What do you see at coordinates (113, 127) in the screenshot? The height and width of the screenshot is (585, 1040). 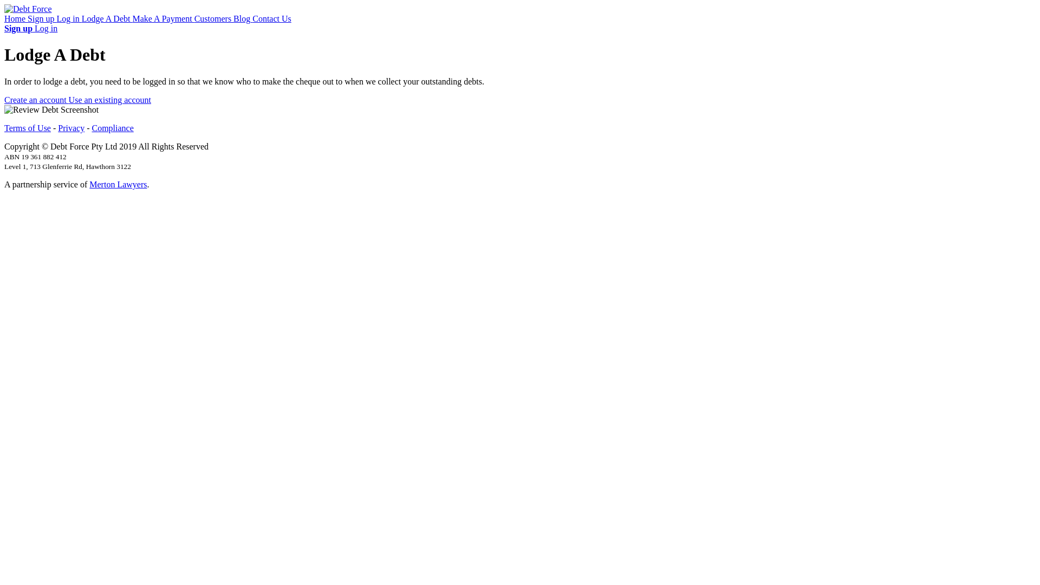 I see `'Compliance'` at bounding box center [113, 127].